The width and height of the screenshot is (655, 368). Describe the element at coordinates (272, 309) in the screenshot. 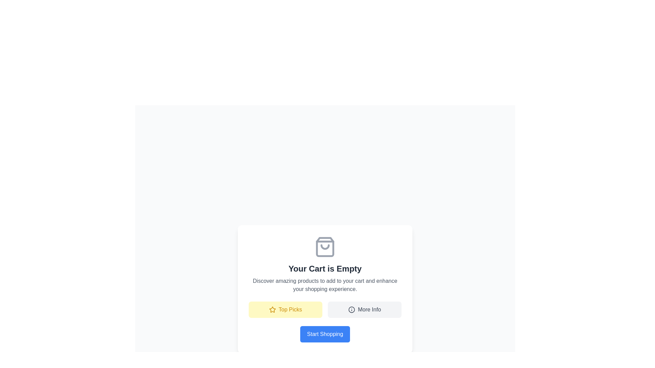

I see `the decorative icon representing a rating or favorite indicator located near the center of the page, specifically in the top left corner of a highlighted section` at that location.